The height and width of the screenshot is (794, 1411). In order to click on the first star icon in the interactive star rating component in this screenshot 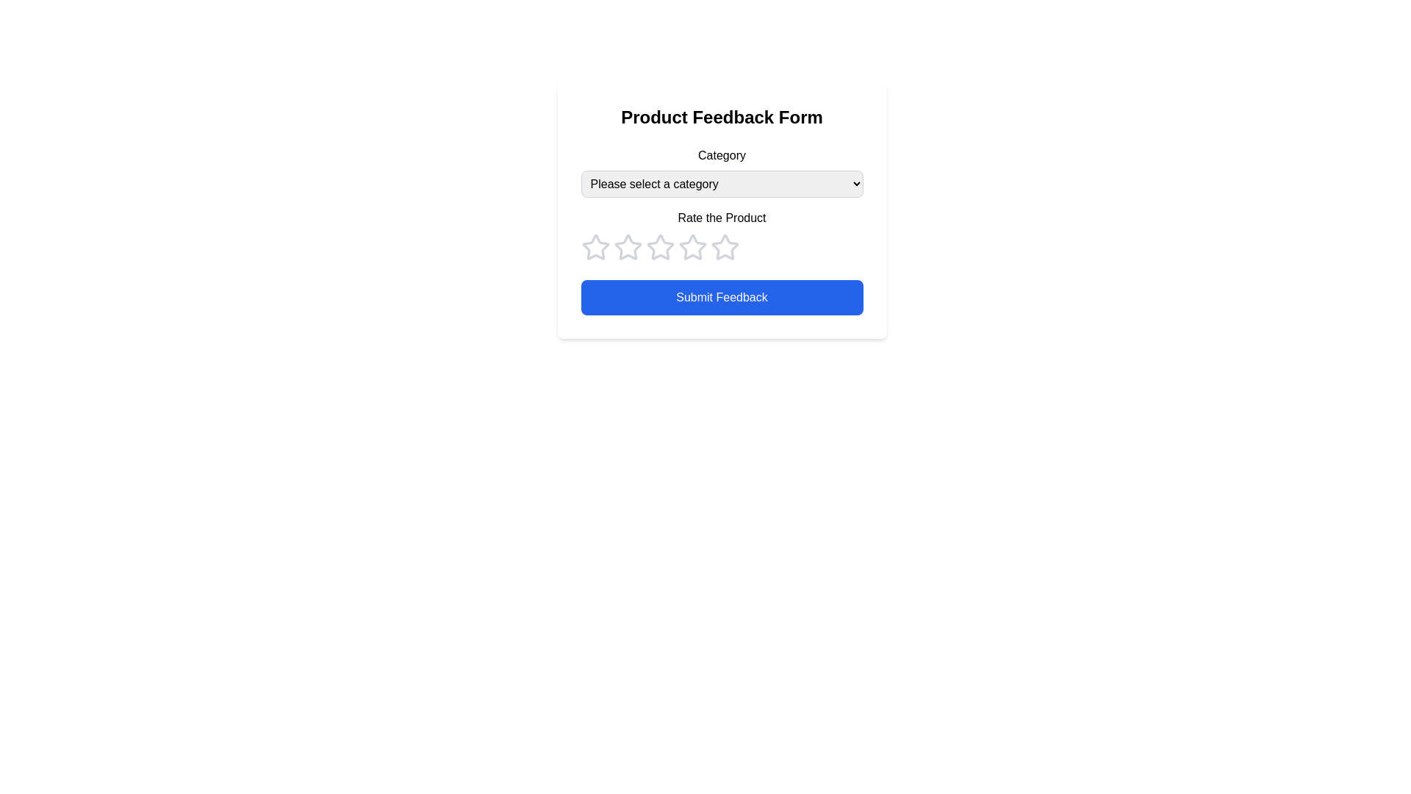, I will do `click(595, 246)`.